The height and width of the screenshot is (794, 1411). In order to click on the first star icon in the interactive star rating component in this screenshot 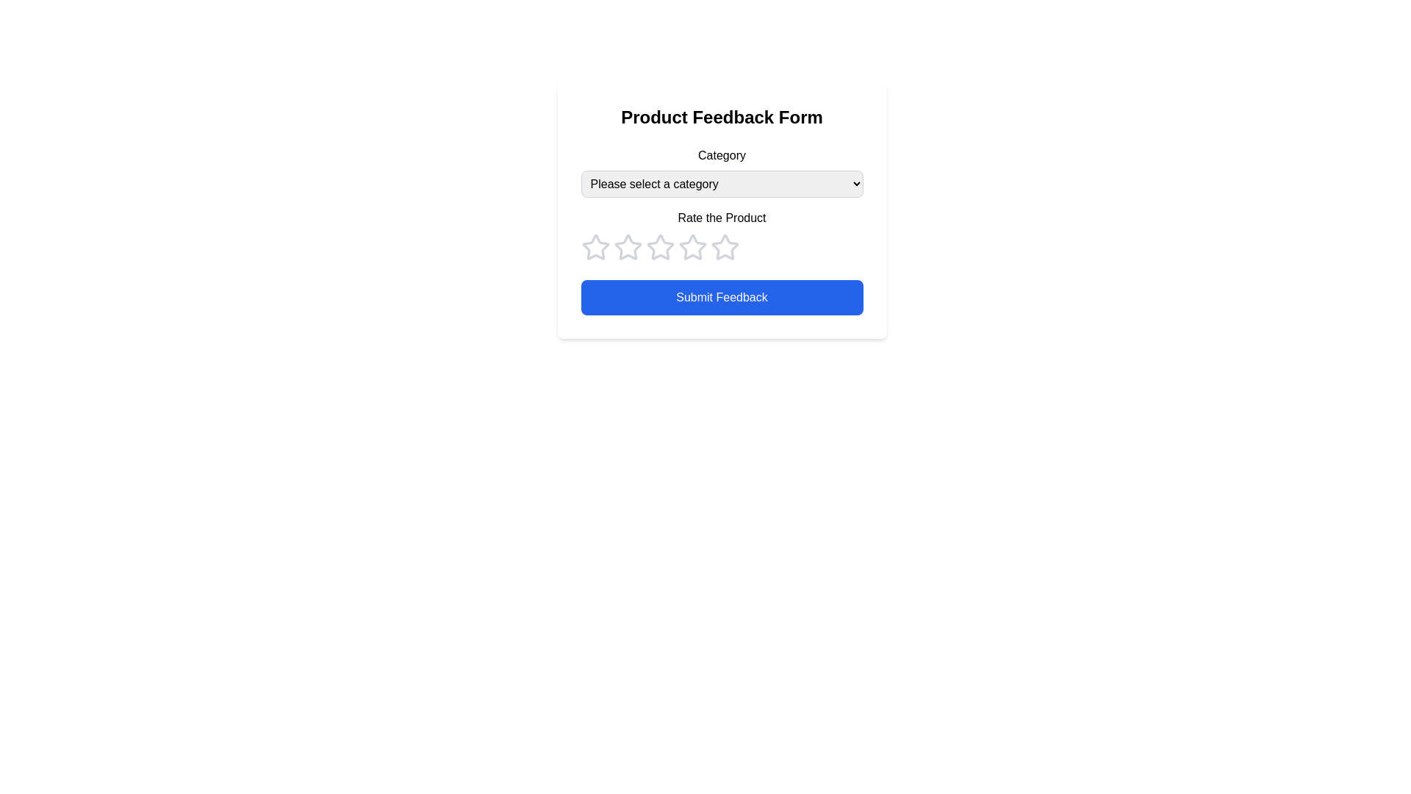, I will do `click(595, 246)`.